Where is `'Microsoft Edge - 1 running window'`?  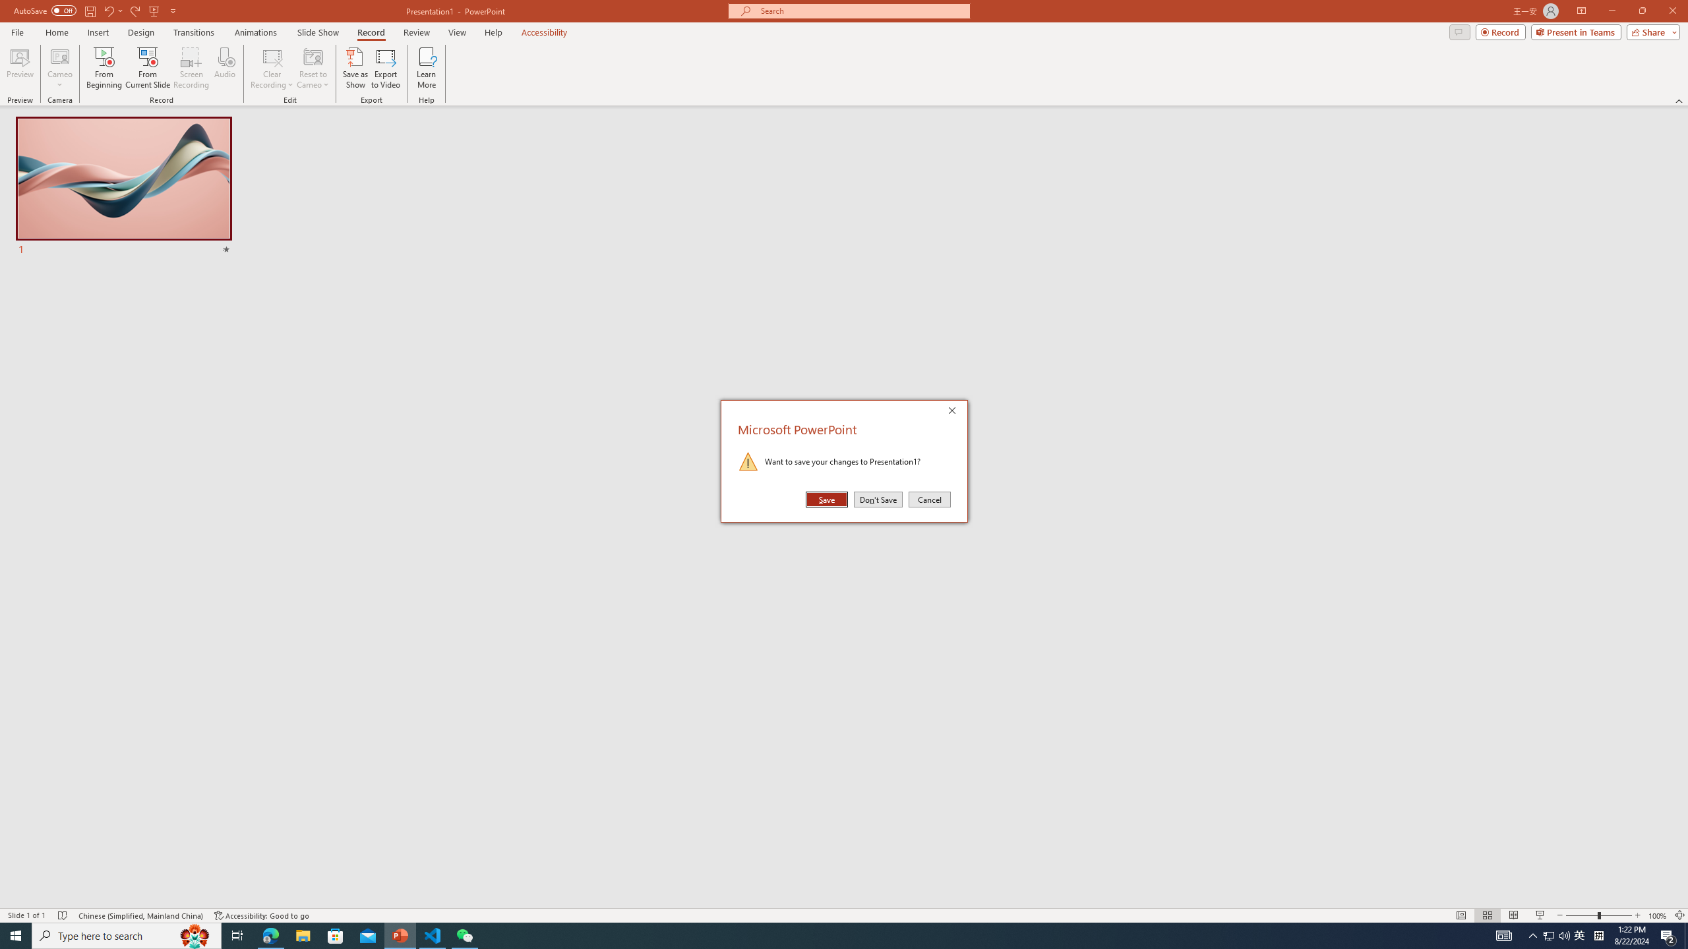
'Microsoft Edge - 1 running window' is located at coordinates (270, 935).